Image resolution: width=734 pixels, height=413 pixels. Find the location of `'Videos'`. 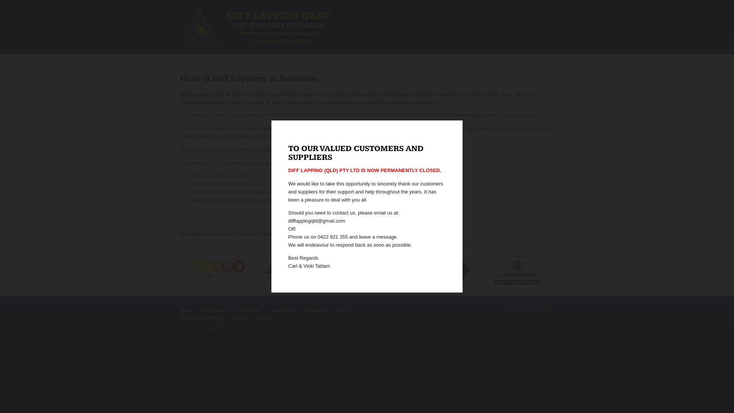

'Videos' is located at coordinates (239, 318).